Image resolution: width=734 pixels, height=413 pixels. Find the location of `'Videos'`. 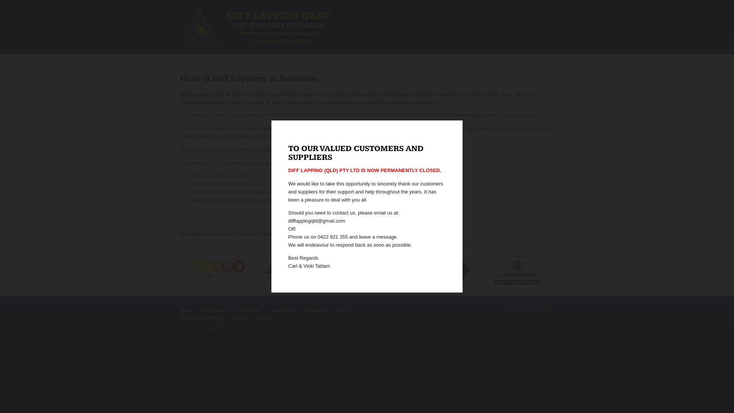

'Videos' is located at coordinates (239, 318).